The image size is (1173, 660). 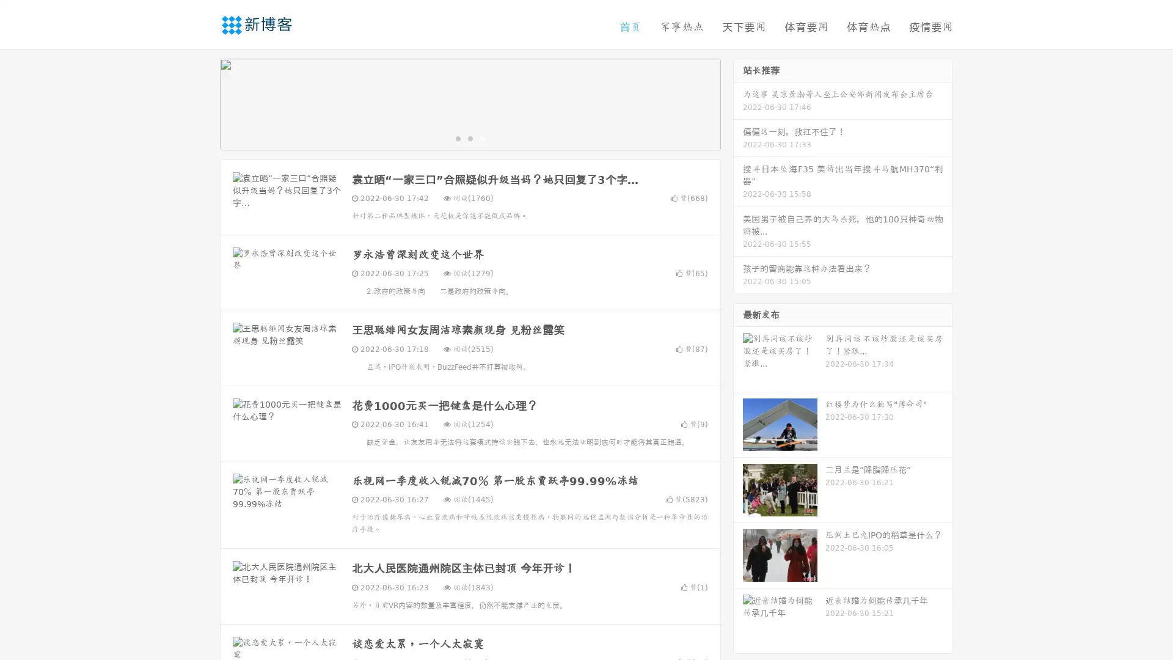 I want to click on Go to slide 2, so click(x=469, y=137).